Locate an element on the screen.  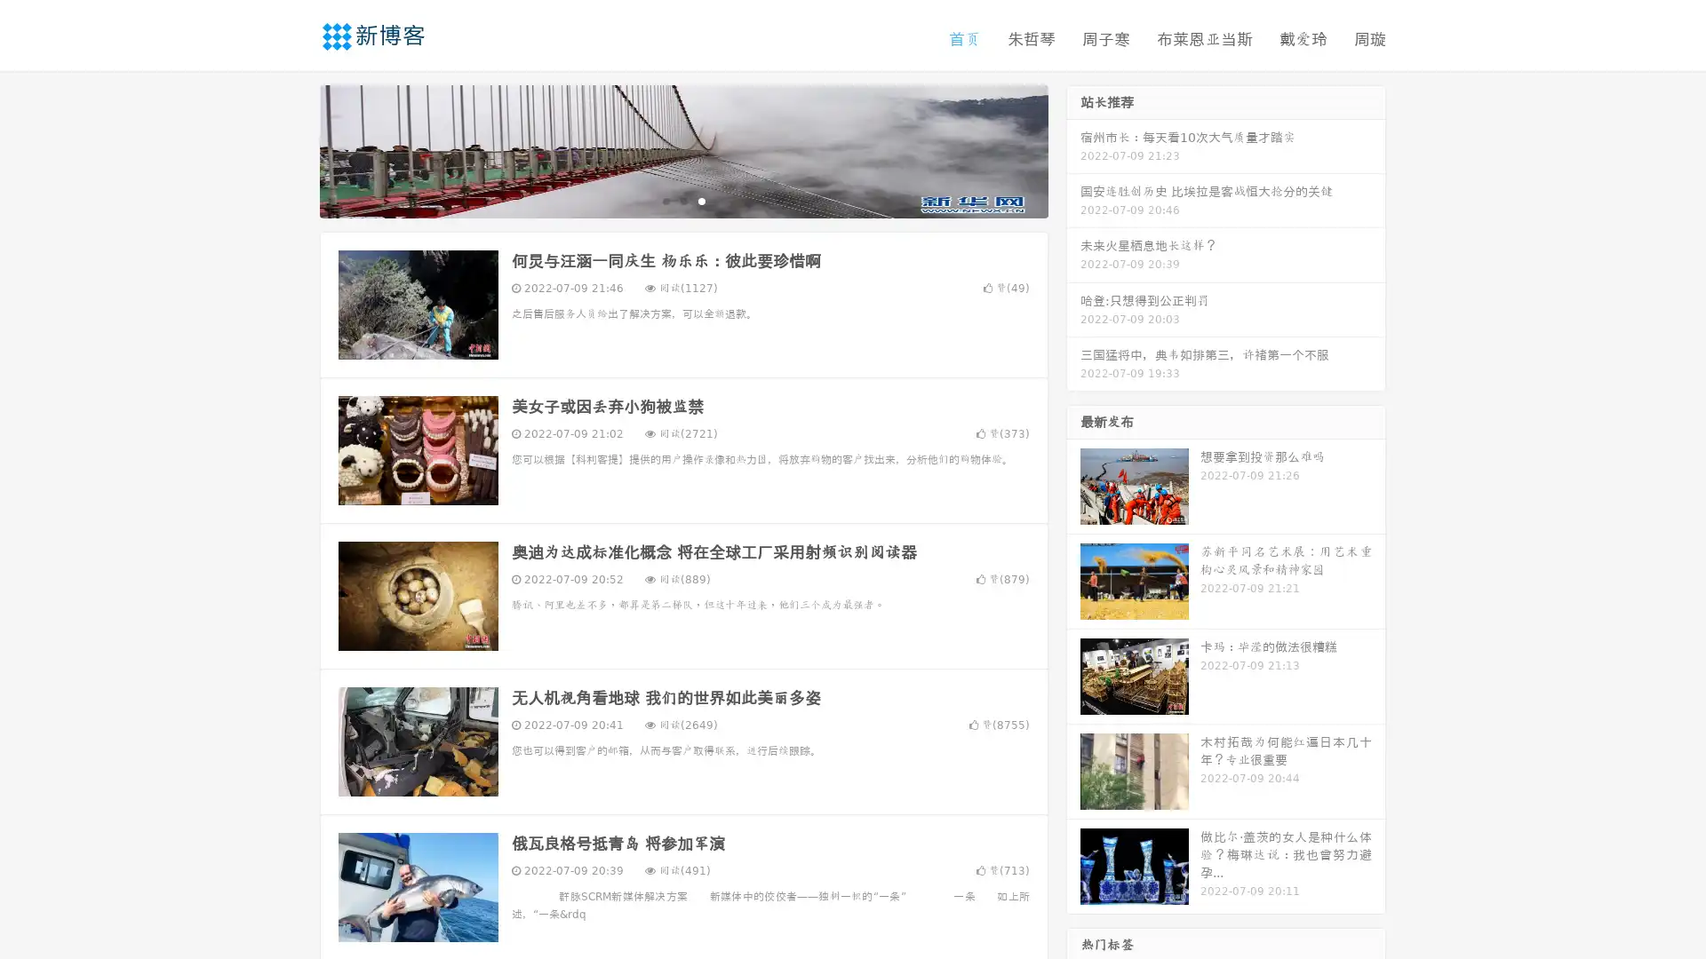
Go to slide 3 is located at coordinates (701, 200).